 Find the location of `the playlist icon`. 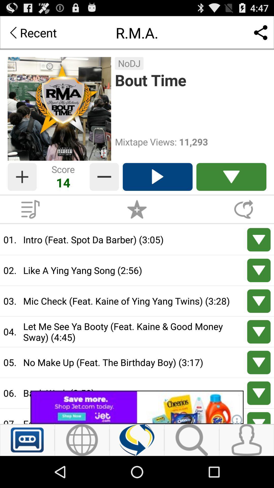

the playlist icon is located at coordinates (30, 224).